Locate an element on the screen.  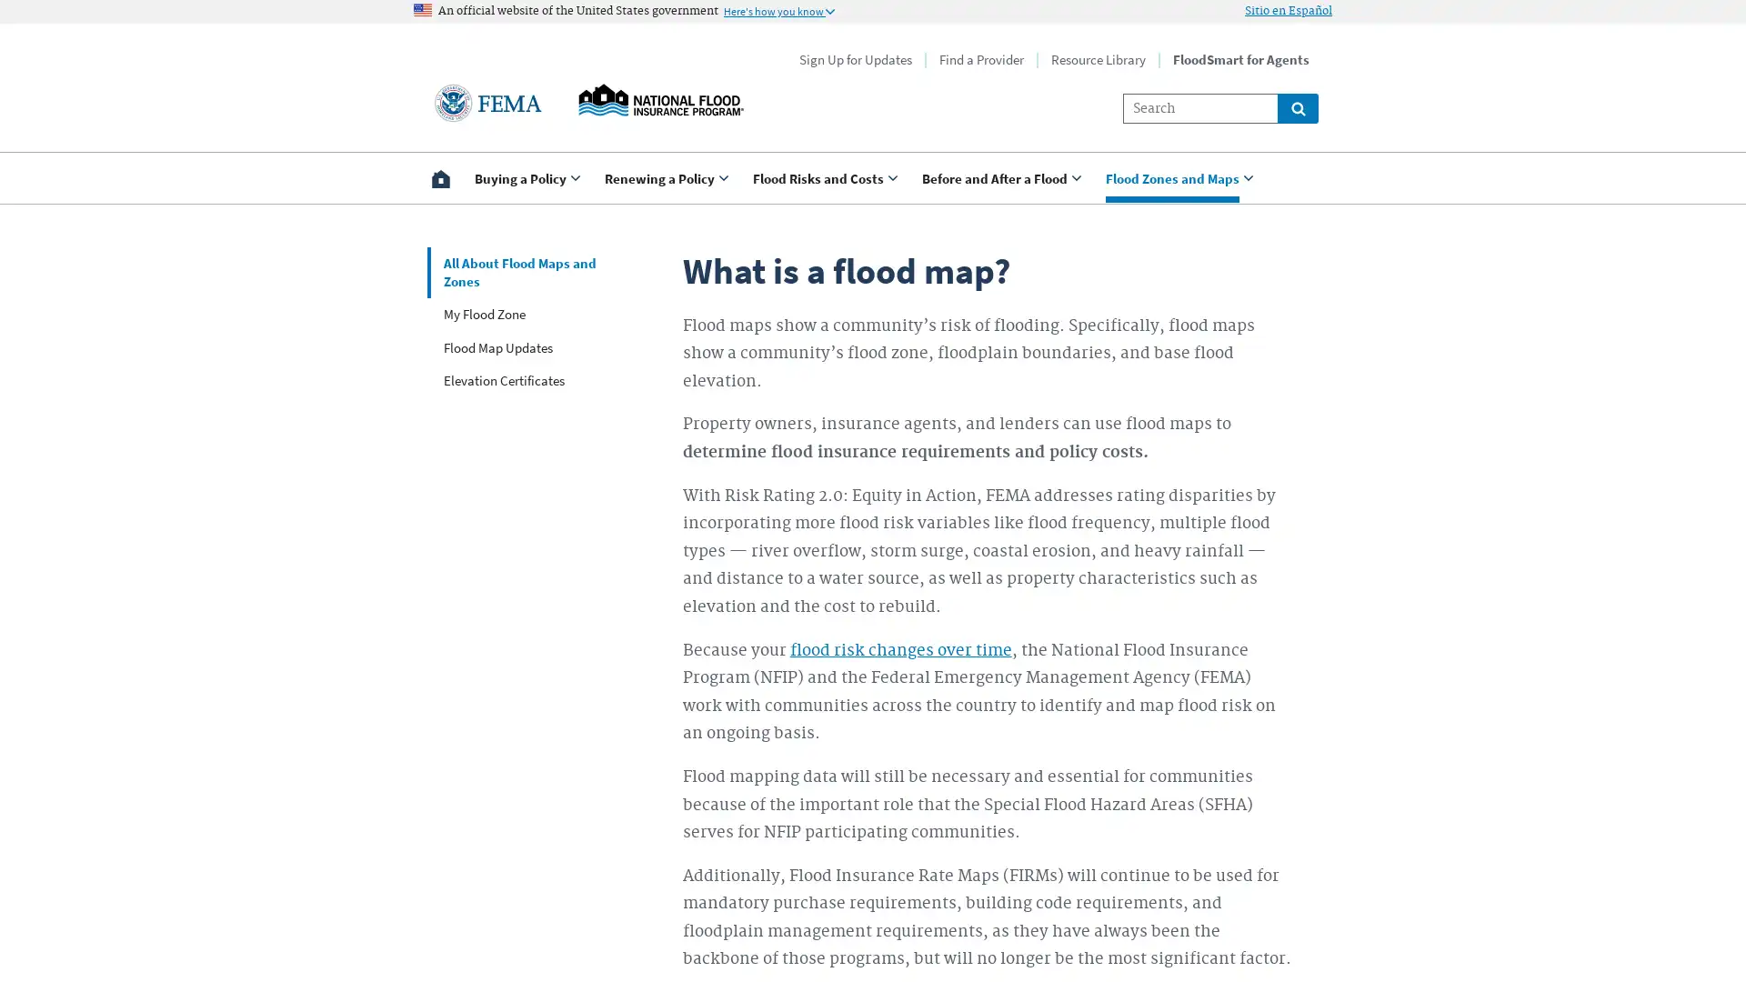
Use <enter> and shift + <enter> to open and close the drop down to sub-menus is located at coordinates (1003, 177).